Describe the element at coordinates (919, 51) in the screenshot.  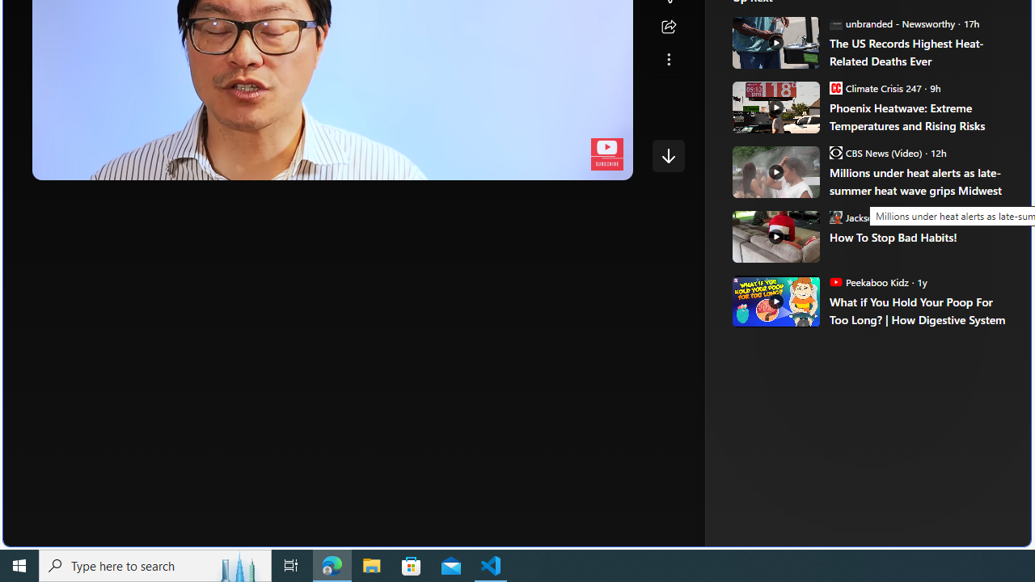
I see `'The US Records Highest Heat-Related Deaths Ever'` at that location.